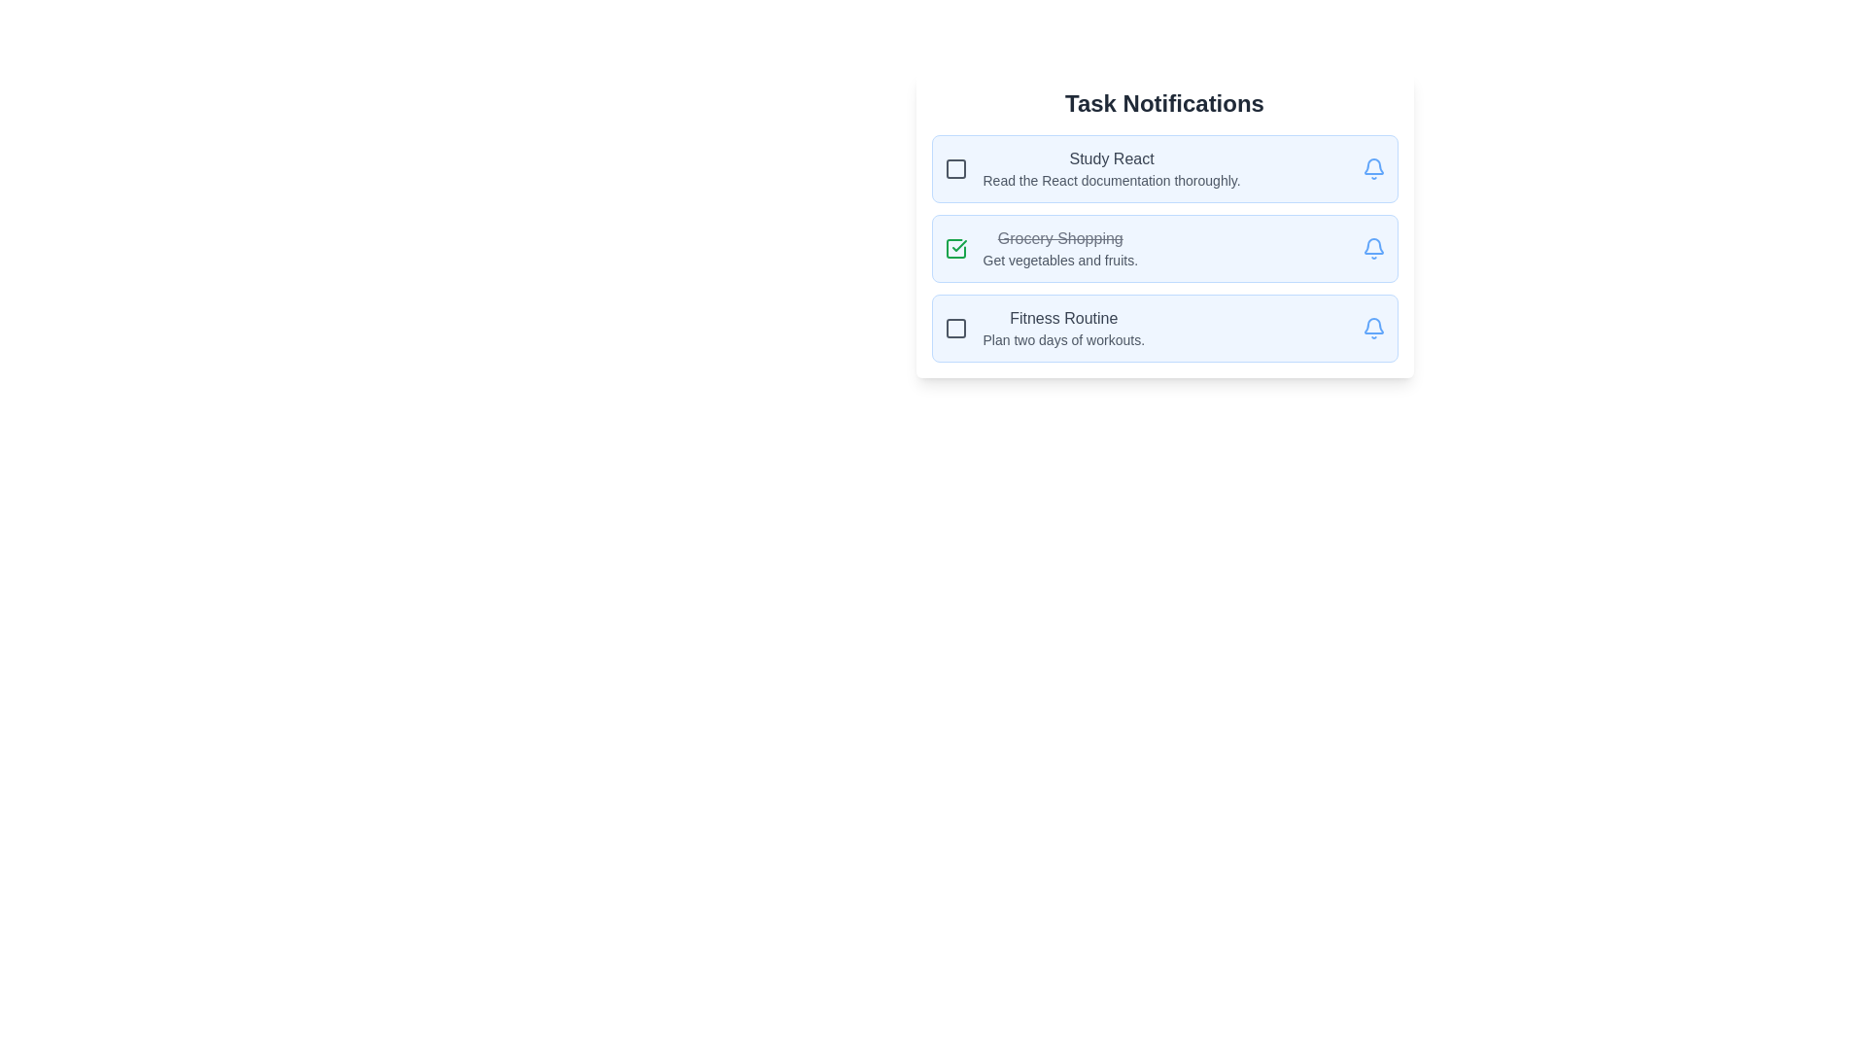 This screenshot has width=1866, height=1050. Describe the element at coordinates (955, 247) in the screenshot. I see `the green outlined checkbox containing a checkmark` at that location.